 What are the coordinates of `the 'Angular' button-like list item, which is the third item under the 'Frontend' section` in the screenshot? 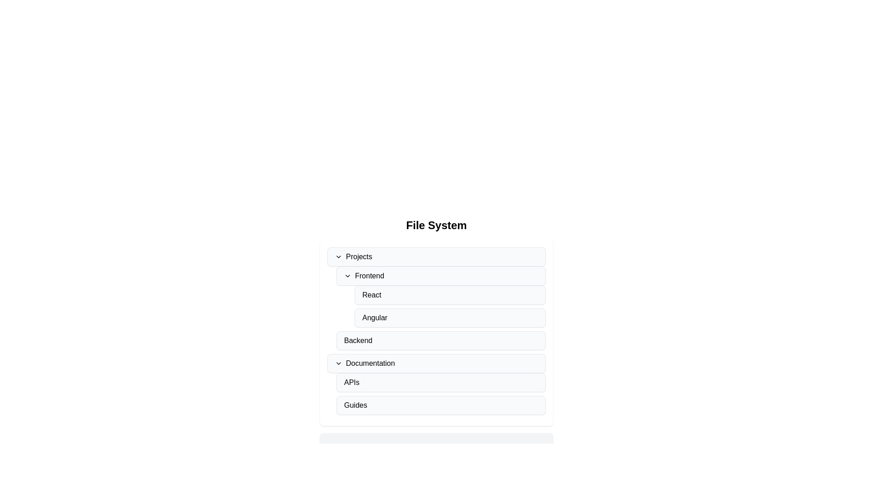 It's located at (441, 318).